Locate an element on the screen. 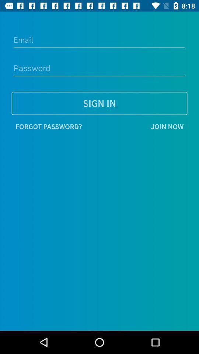 The height and width of the screenshot is (354, 199). icon to the left of the join now icon is located at coordinates (49, 126).